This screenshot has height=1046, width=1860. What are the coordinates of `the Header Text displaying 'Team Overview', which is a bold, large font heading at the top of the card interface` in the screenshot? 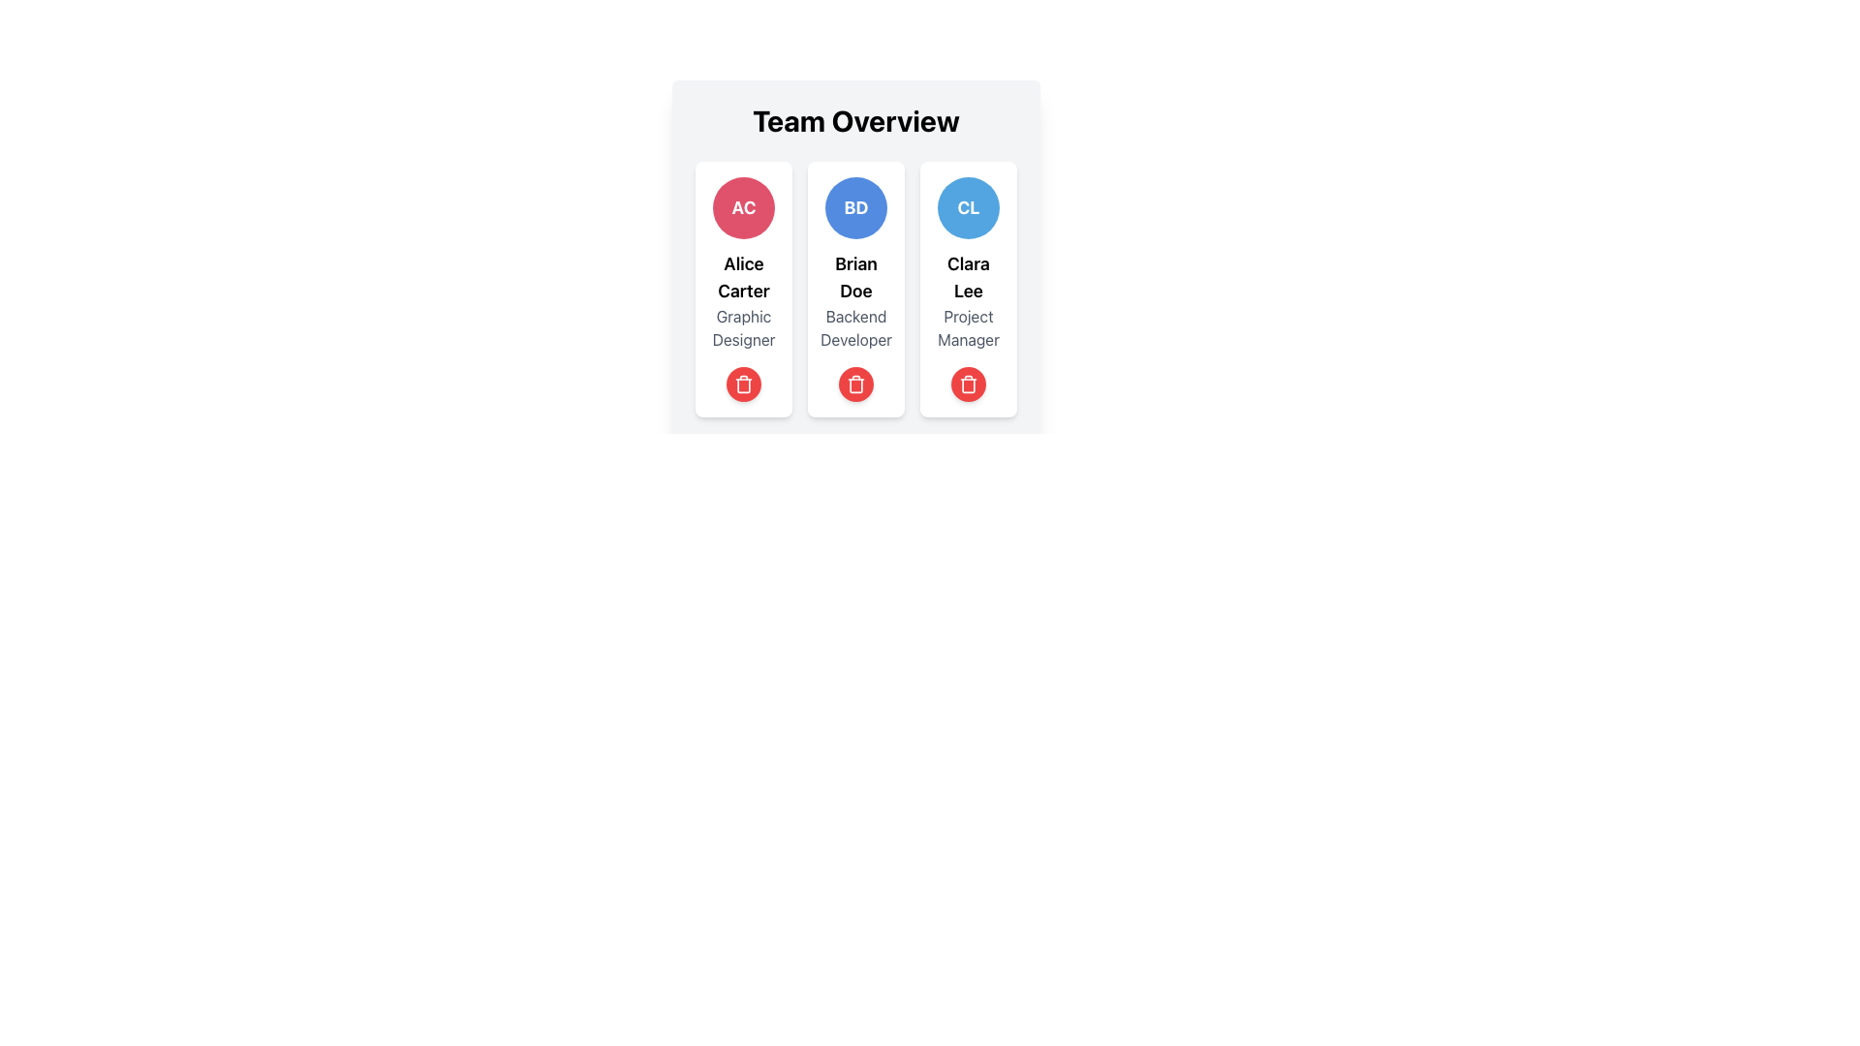 It's located at (854, 120).